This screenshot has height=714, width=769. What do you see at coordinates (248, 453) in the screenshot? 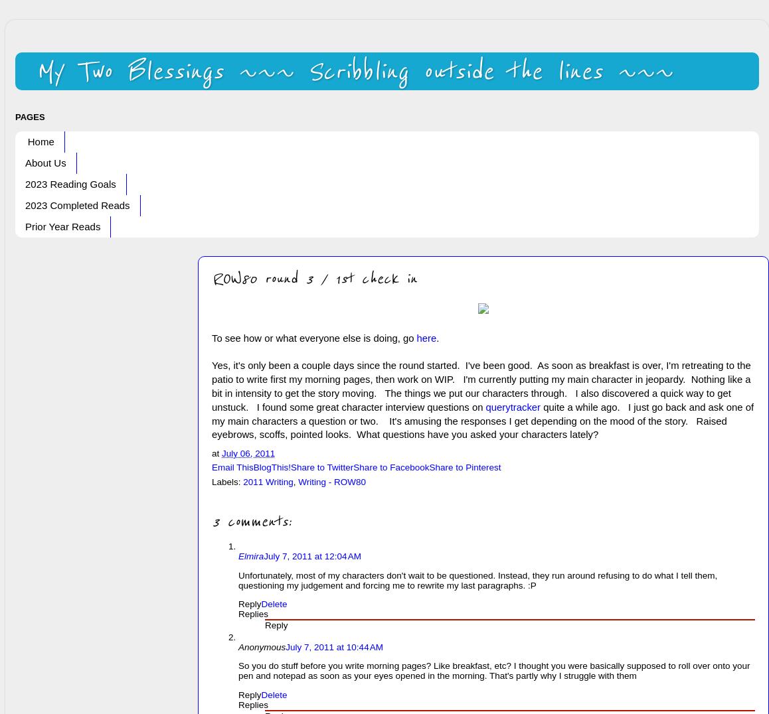
I see `'July 06, 2011'` at bounding box center [248, 453].